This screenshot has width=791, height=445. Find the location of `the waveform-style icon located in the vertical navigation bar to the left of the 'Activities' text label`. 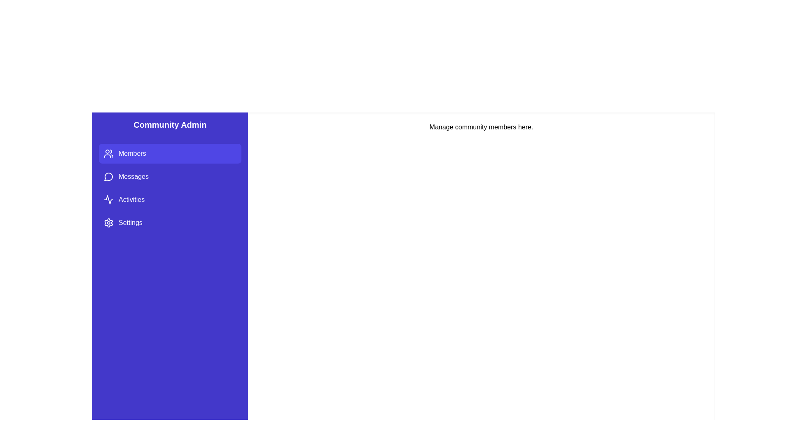

the waveform-style icon located in the vertical navigation bar to the left of the 'Activities' text label is located at coordinates (108, 200).